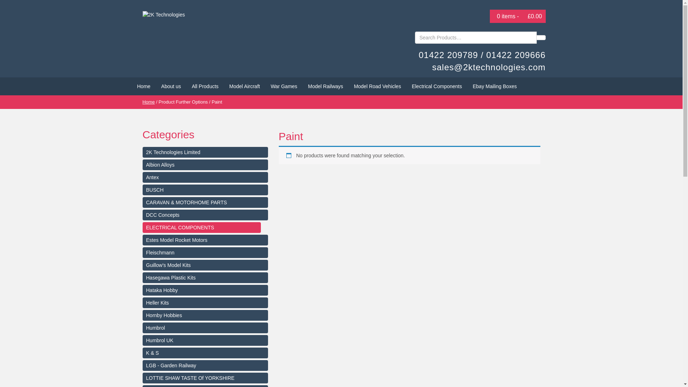  What do you see at coordinates (186, 86) in the screenshot?
I see `'All Products'` at bounding box center [186, 86].